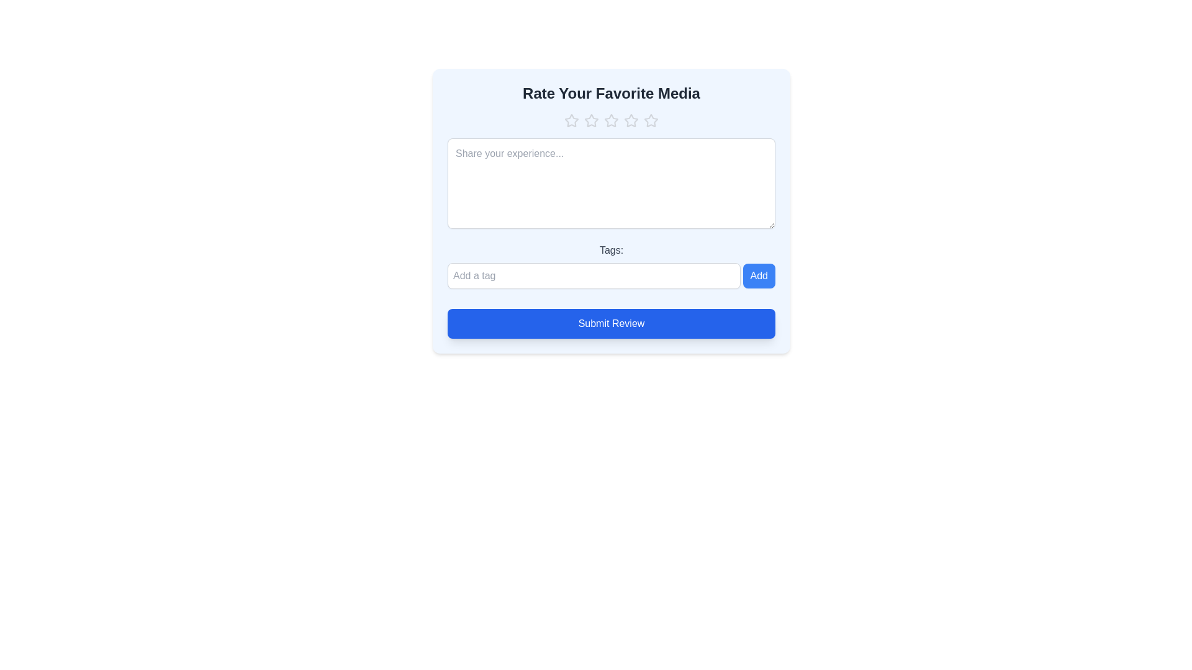 Image resolution: width=1192 pixels, height=670 pixels. I want to click on the text label that provides context for the 'Add a tag' input field, located above it in the form, so click(611, 251).